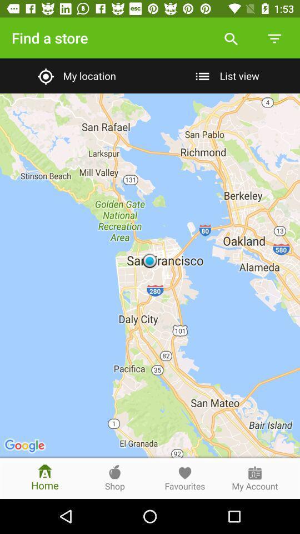 The height and width of the screenshot is (534, 300). Describe the element at coordinates (225, 75) in the screenshot. I see `item next to my location item` at that location.